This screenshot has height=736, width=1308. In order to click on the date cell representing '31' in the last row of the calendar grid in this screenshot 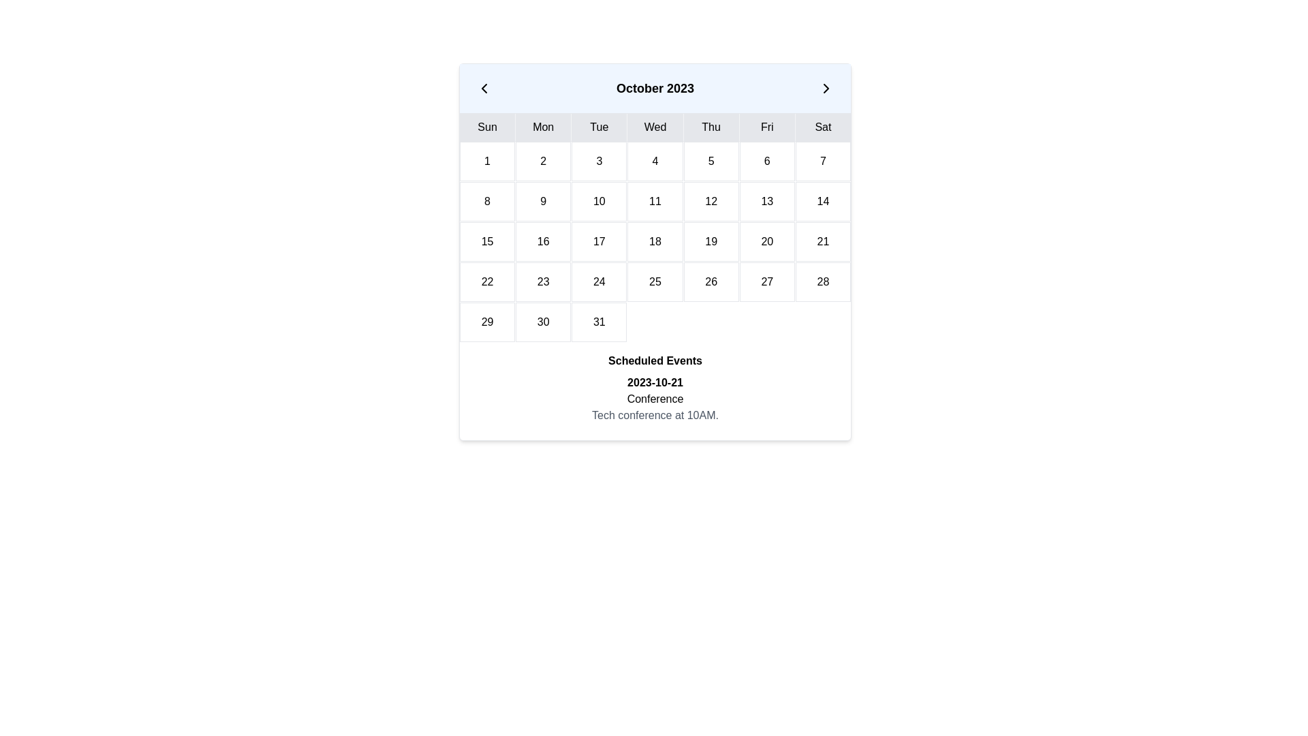, I will do `click(599, 322)`.